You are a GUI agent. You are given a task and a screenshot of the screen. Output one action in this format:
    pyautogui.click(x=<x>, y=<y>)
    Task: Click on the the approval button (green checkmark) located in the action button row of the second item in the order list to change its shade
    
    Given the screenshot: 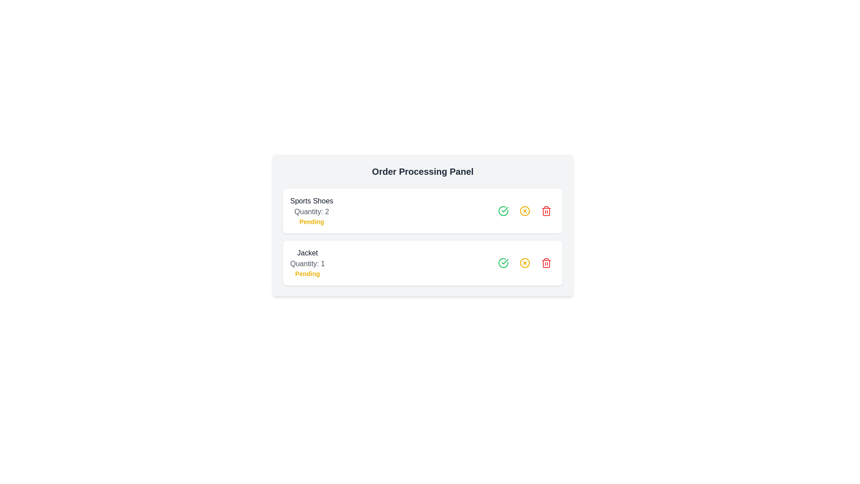 What is the action you would take?
    pyautogui.click(x=503, y=262)
    